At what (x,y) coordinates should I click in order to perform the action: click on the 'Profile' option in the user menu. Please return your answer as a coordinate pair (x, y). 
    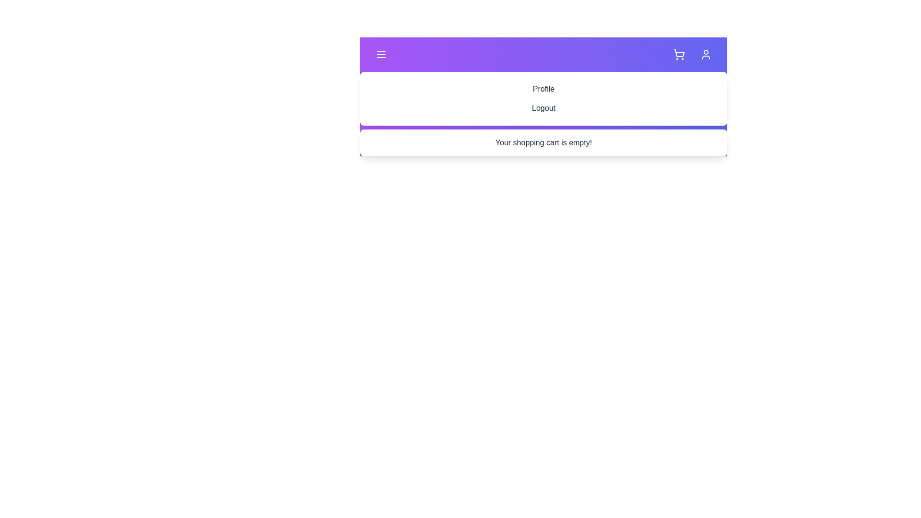
    Looking at the image, I should click on (543, 89).